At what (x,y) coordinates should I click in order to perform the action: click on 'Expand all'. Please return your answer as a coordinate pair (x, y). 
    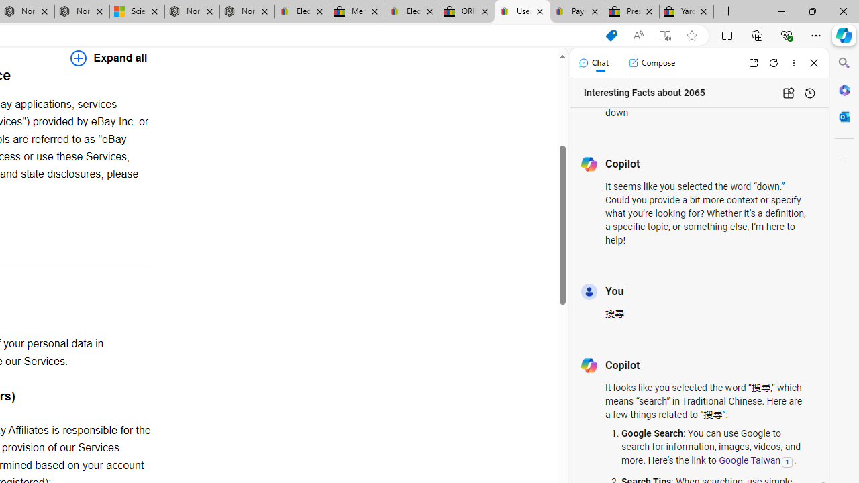
    Looking at the image, I should click on (109, 57).